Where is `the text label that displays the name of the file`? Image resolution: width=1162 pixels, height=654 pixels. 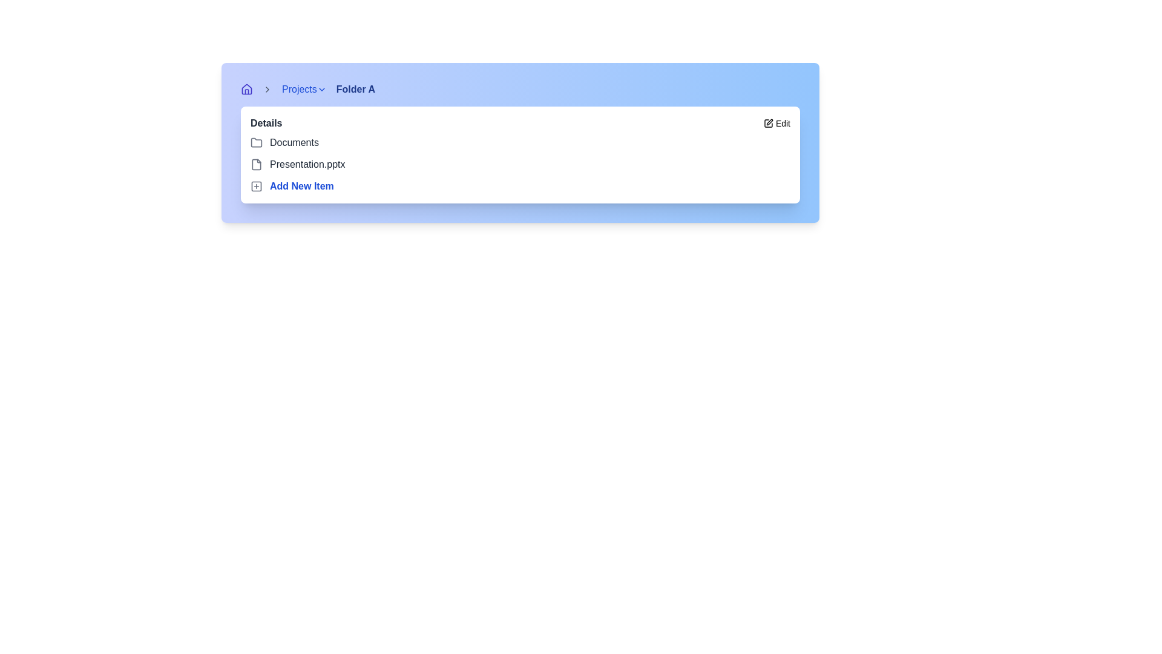
the text label that displays the name of the file is located at coordinates (307, 165).